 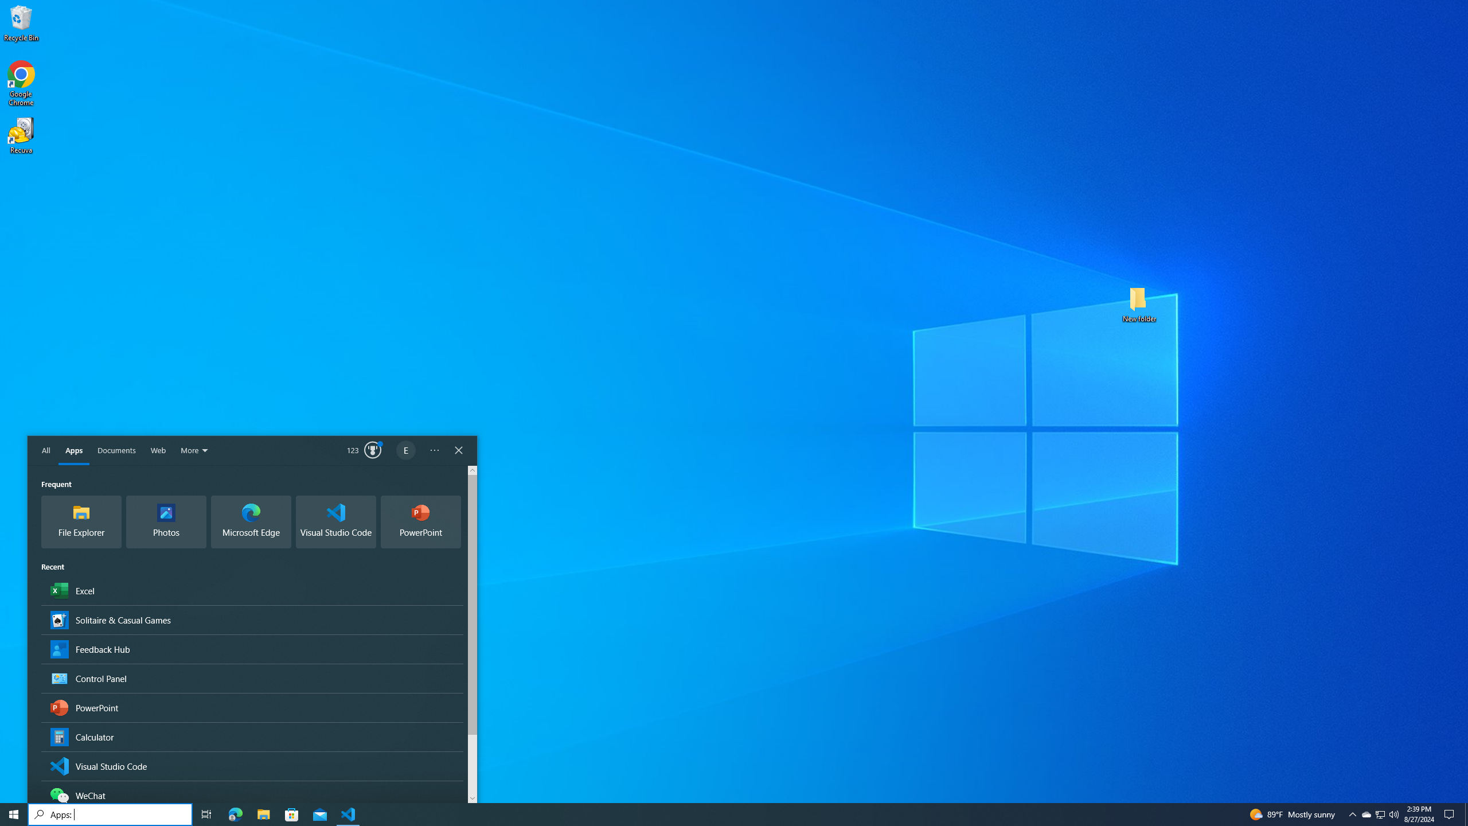 What do you see at coordinates (166, 521) in the screenshot?
I see `'Photos, App'` at bounding box center [166, 521].